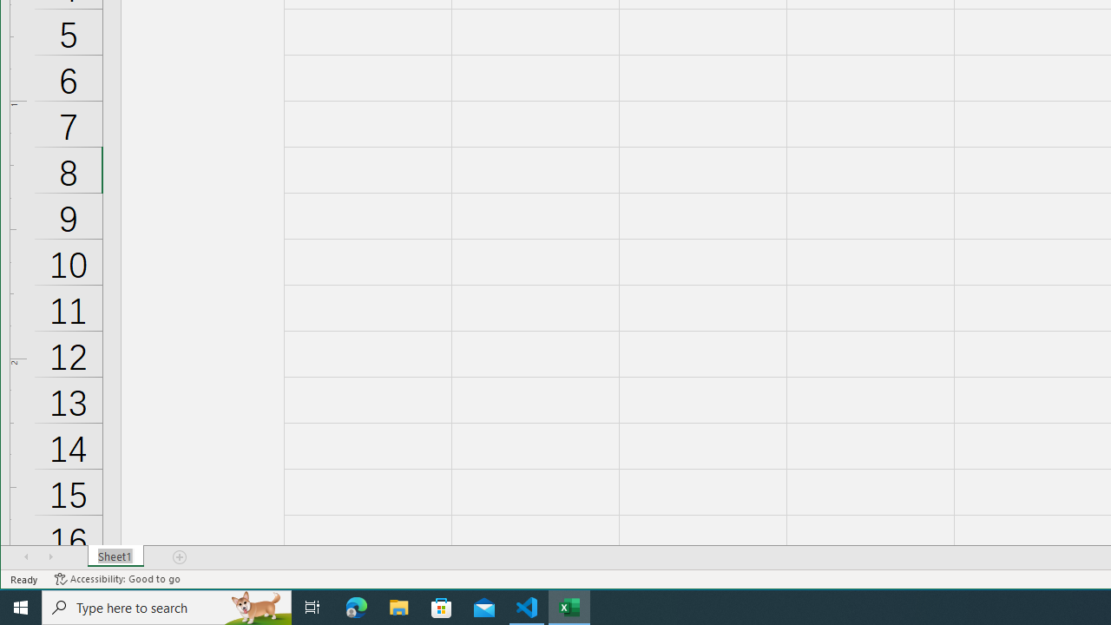  I want to click on 'Task View', so click(312, 606).